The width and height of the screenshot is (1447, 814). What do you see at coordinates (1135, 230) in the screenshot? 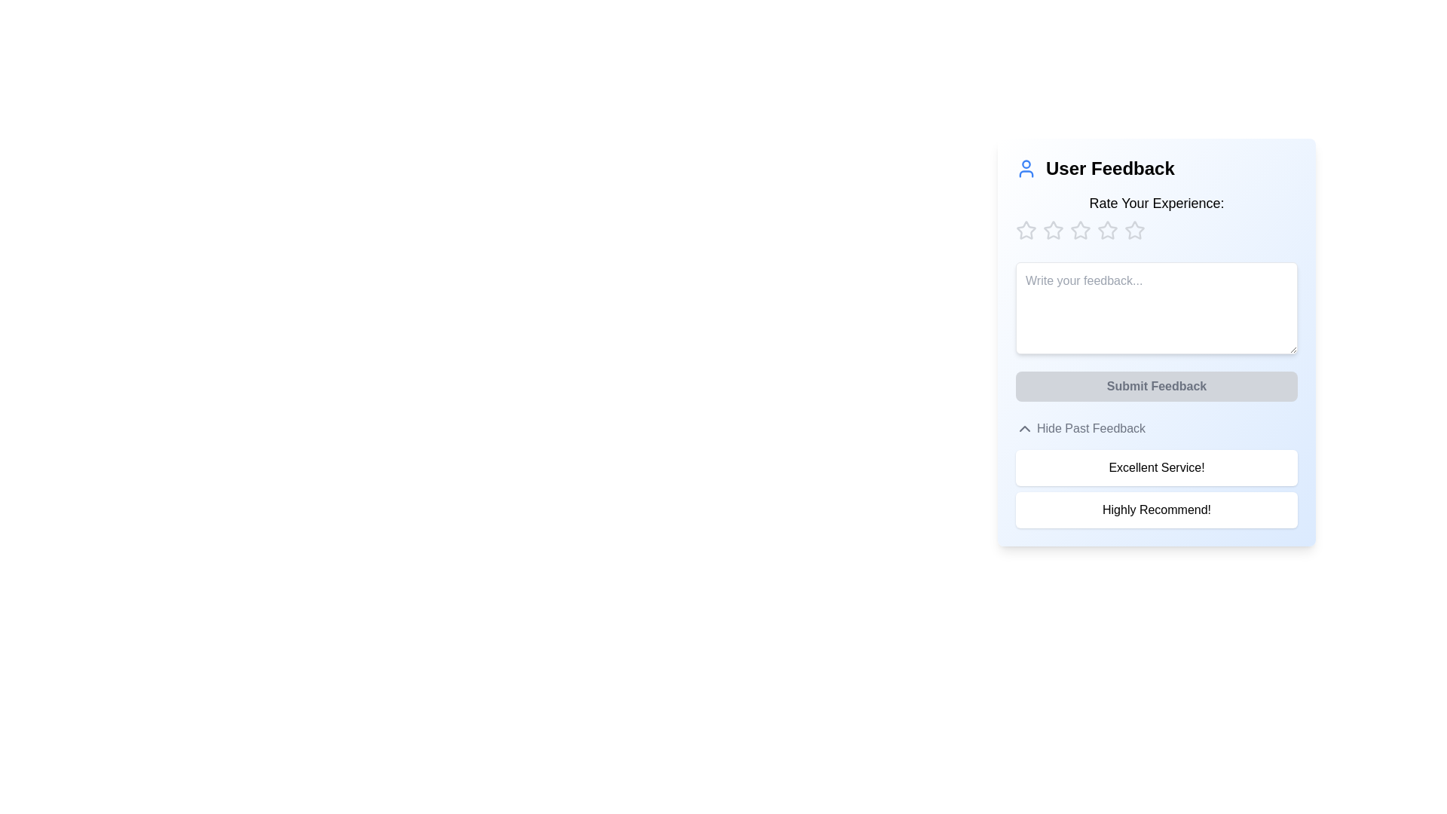
I see `the fourth star in the horizontal row of five stars` at bounding box center [1135, 230].